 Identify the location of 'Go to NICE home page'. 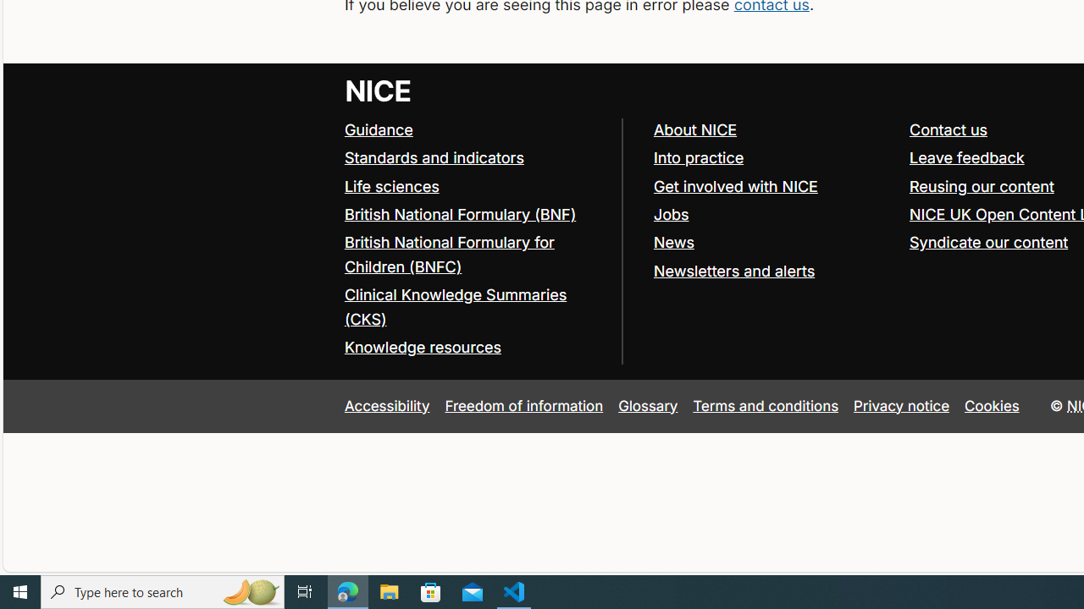
(377, 90).